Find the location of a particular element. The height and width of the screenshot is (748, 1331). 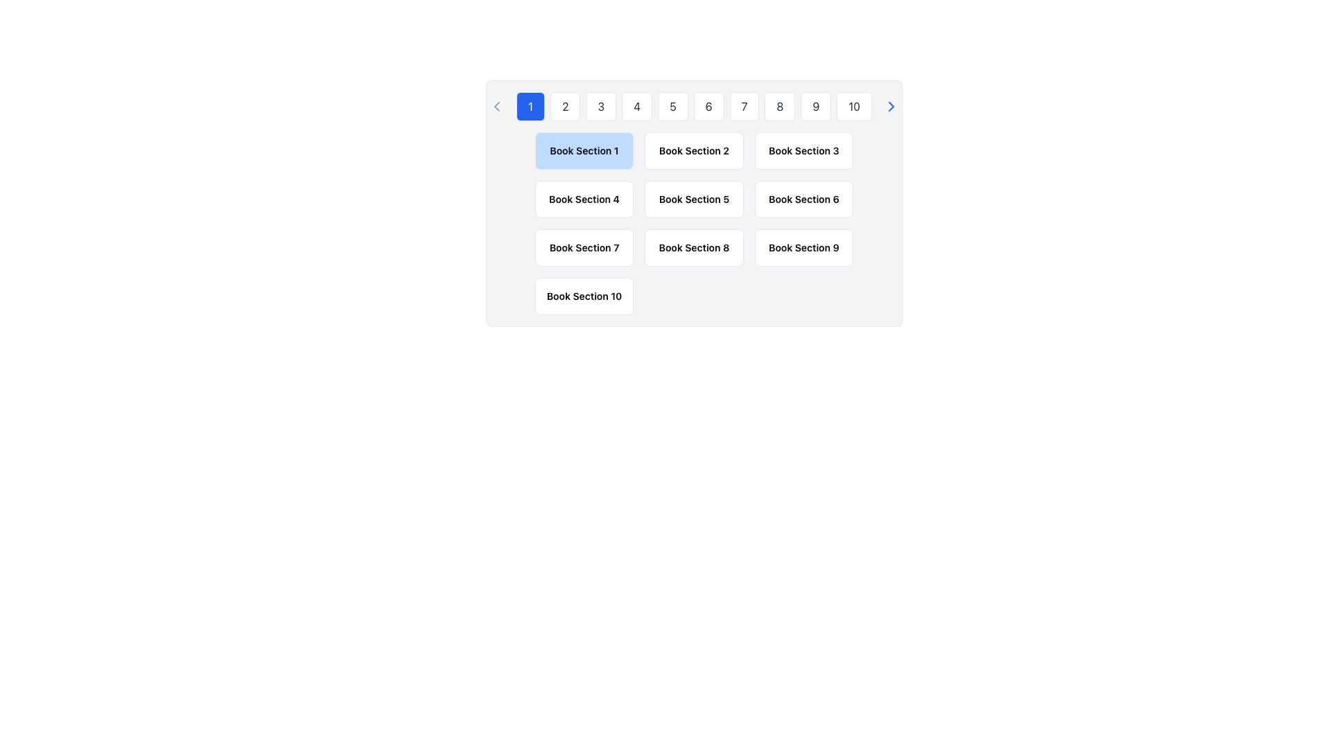

the button representing the number 9 in the pagination system to receive visual feedback is located at coordinates (816, 106).